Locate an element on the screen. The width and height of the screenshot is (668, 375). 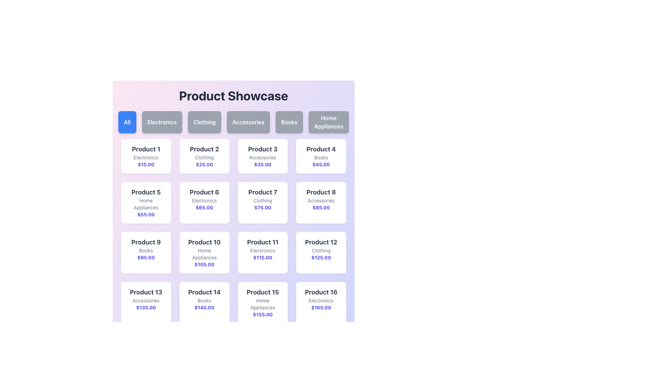
the product listing card located in the last row and second column from the left is located at coordinates (204, 352).